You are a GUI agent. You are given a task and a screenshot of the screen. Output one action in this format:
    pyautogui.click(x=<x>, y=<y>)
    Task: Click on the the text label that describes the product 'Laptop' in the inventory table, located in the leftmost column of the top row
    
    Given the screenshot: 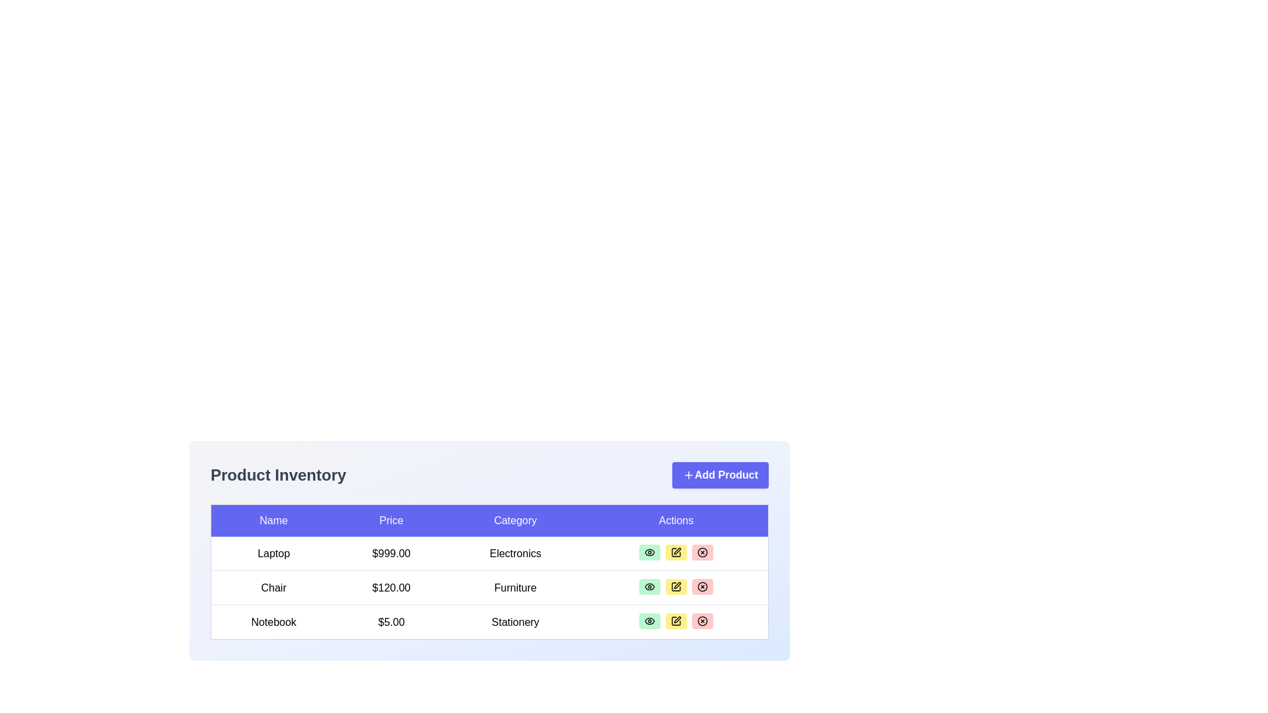 What is the action you would take?
    pyautogui.click(x=273, y=553)
    